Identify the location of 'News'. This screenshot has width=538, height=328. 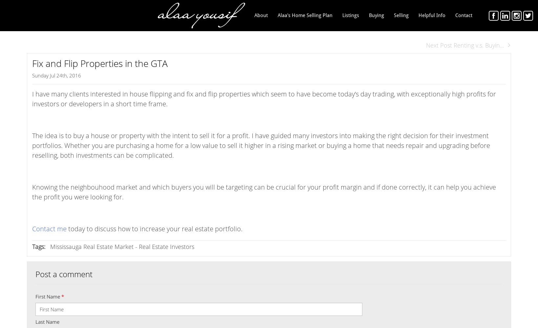
(418, 44).